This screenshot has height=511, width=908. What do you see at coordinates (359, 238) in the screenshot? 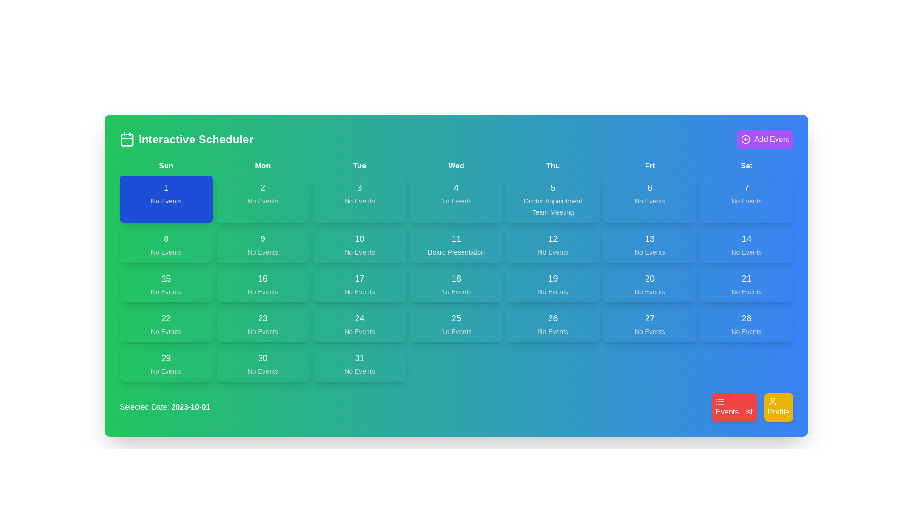
I see `the text label displaying the number '10' in the interactive calendar interface, which is part of a button-like component` at bounding box center [359, 238].